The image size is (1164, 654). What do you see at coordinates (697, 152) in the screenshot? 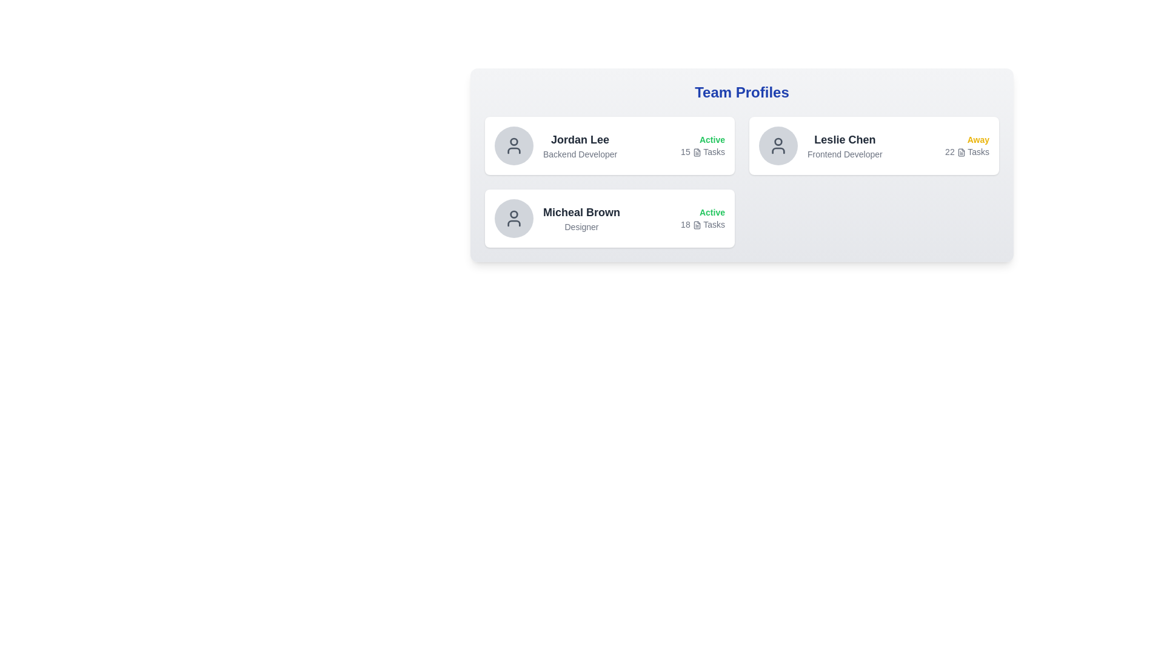
I see `the document icon that represents '15 Tasks' in Jordan Lee's profile, which is located in the Team Profiles panel` at bounding box center [697, 152].